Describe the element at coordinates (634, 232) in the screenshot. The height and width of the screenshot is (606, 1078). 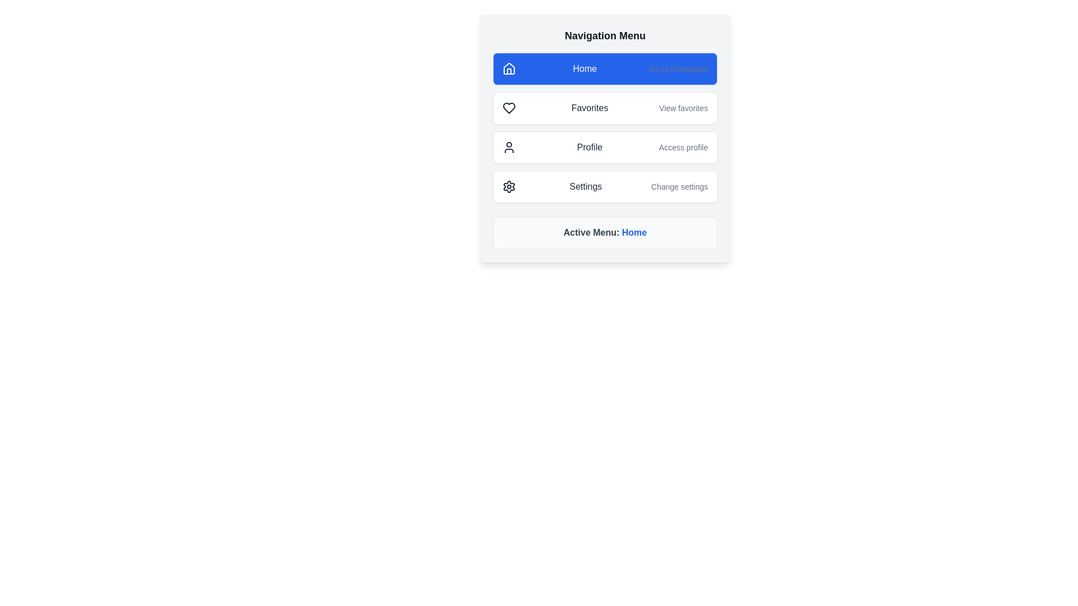
I see `the 'Home' text label, which is in bold blue font and located immediately after the 'Active Menu:' heading` at that location.